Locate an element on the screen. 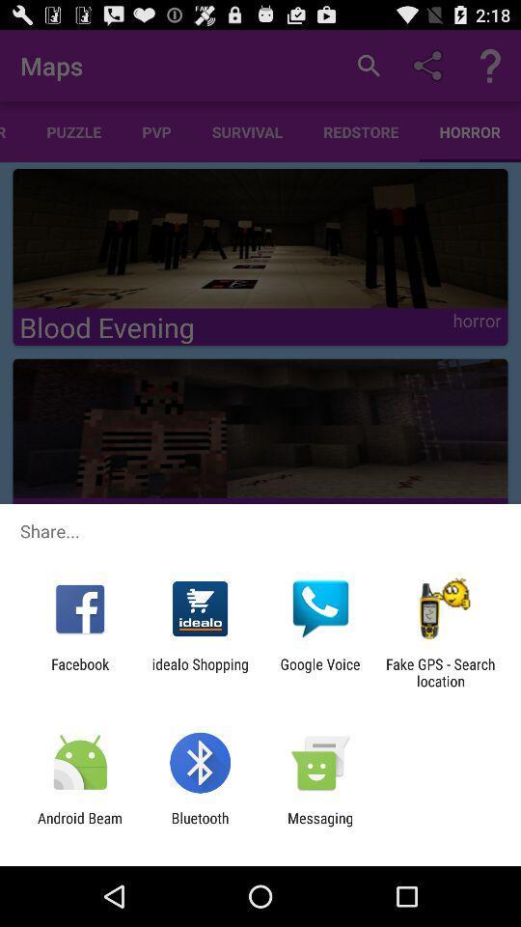  the idealo shopping icon is located at coordinates (199, 672).